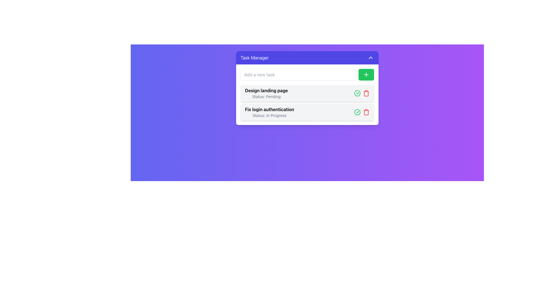  Describe the element at coordinates (357, 112) in the screenshot. I see `the green circular icon with a checkmark inside, located` at that location.